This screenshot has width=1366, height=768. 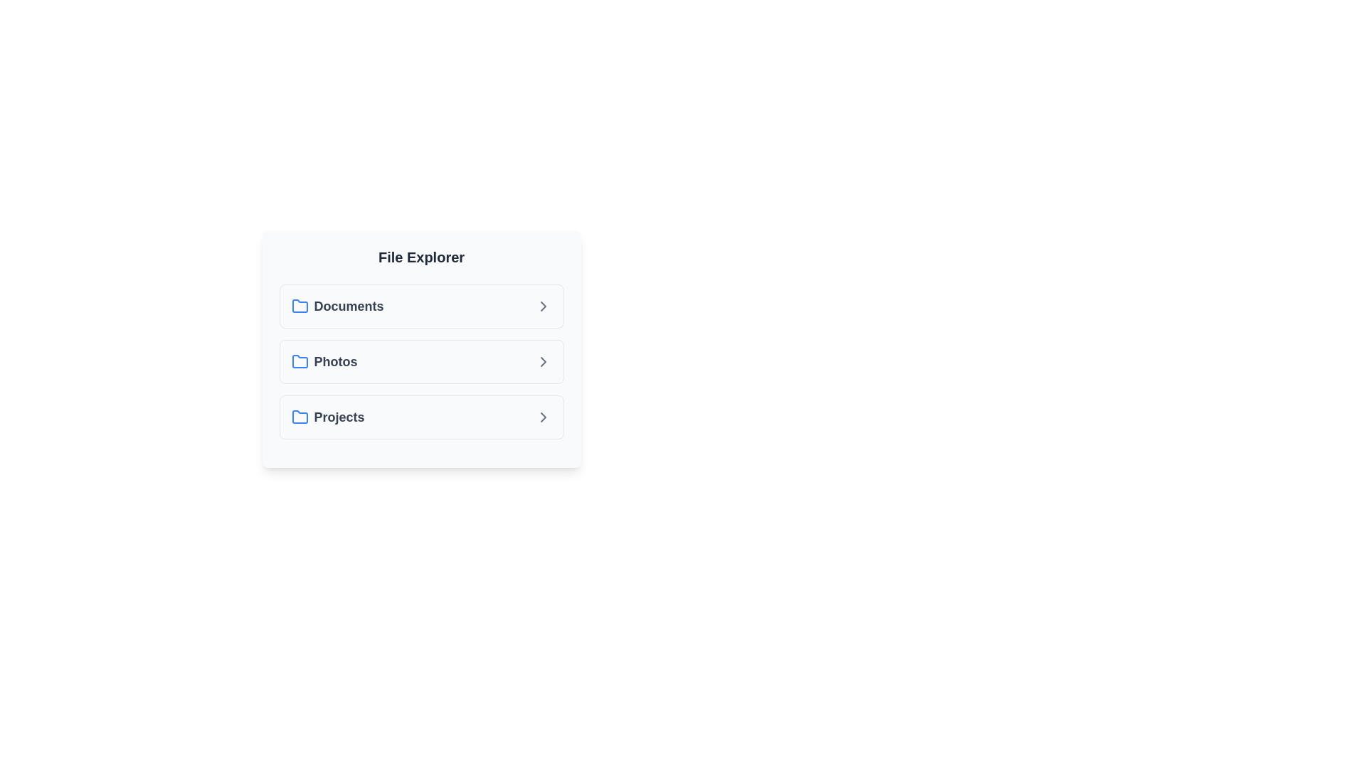 I want to click on the folder icon next to Photos, so click(x=299, y=361).